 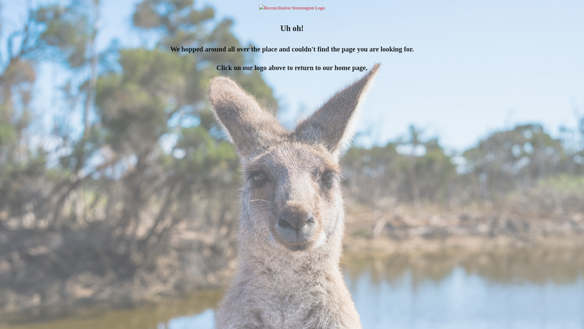 I want to click on 'Reconciliation Stonnington', so click(x=292, y=8).